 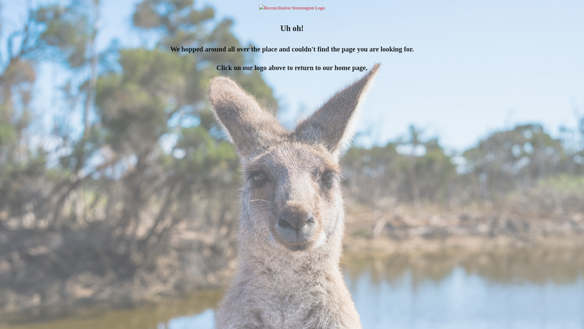 I want to click on 'Reconciliation Stonnington', so click(x=292, y=8).